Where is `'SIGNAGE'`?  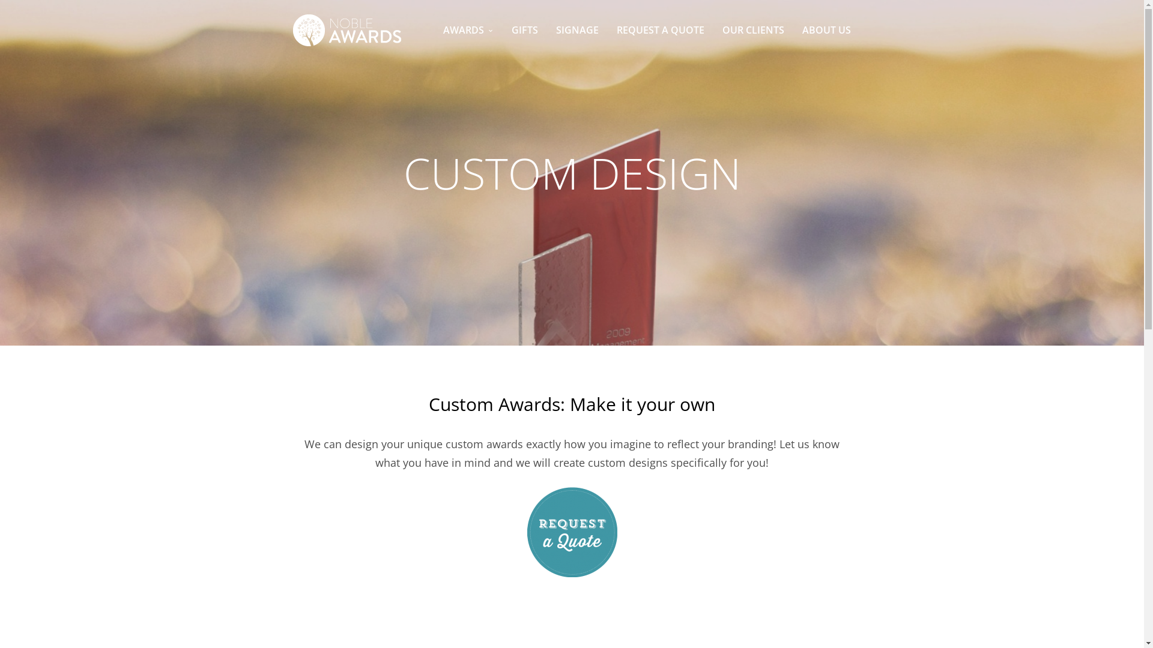
'SIGNAGE' is located at coordinates (577, 29).